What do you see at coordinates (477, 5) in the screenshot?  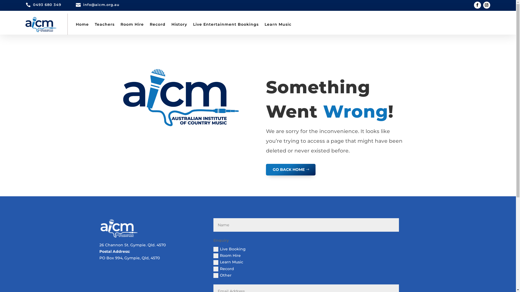 I see `'Follow on Facebook'` at bounding box center [477, 5].